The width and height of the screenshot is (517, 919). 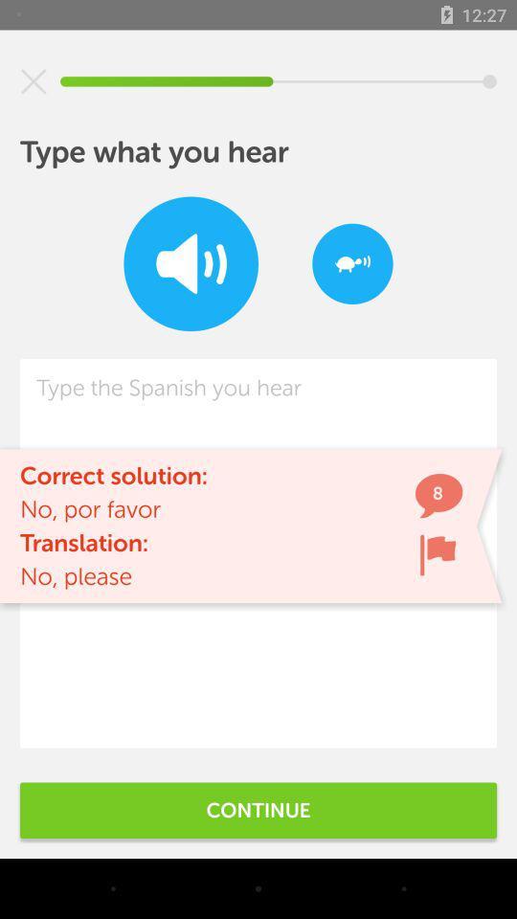 What do you see at coordinates (191, 262) in the screenshot?
I see `sound option` at bounding box center [191, 262].